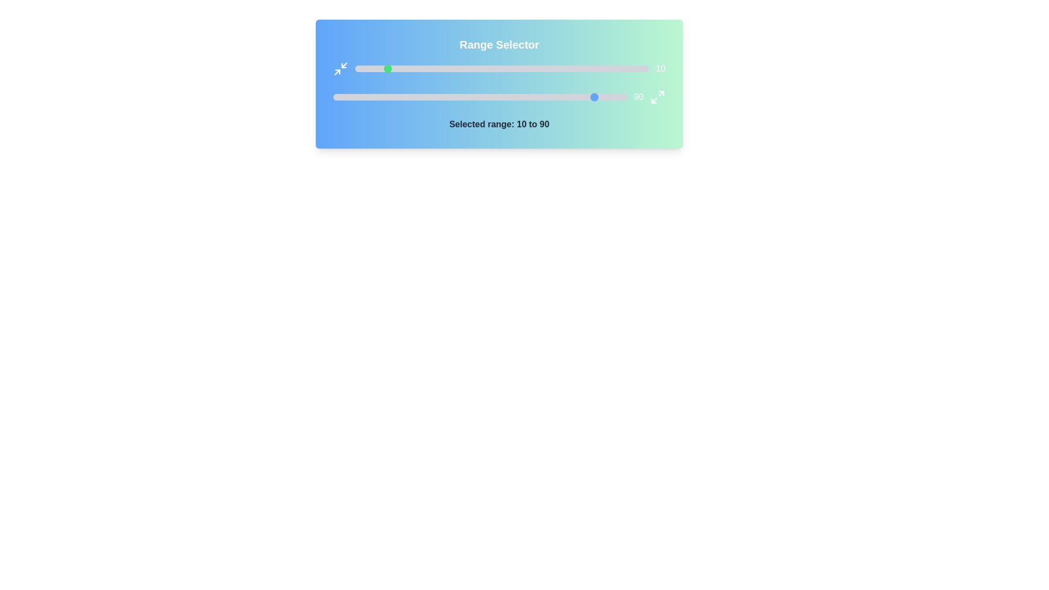 The width and height of the screenshot is (1049, 590). What do you see at coordinates (498, 96) in the screenshot?
I see `the range input slider located below the 'Range Selector' header, which is the second slider for selecting a value between 0 and 100, to directly set the value` at bounding box center [498, 96].